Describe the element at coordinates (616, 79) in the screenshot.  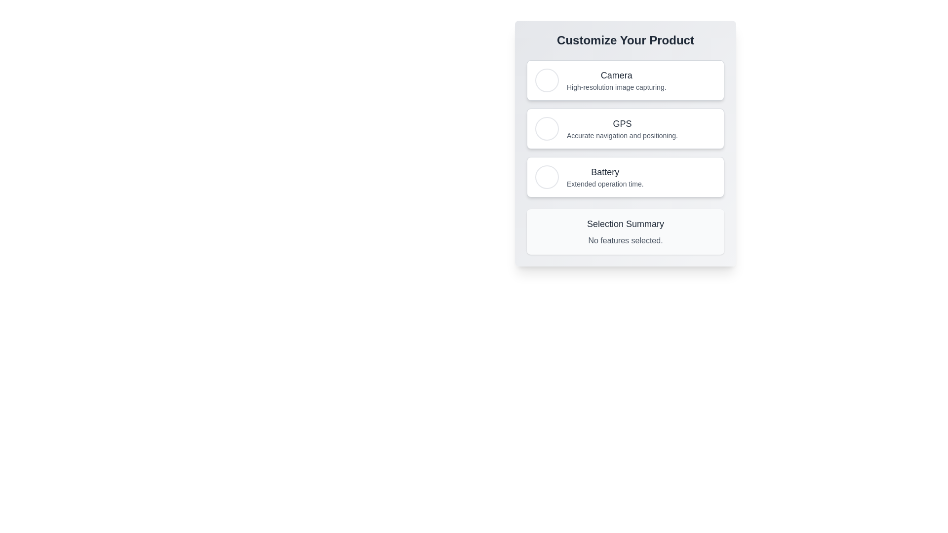
I see `the 'Camera' text label which displays high-resolution image capturing information by reading its description to understand the functionality` at that location.